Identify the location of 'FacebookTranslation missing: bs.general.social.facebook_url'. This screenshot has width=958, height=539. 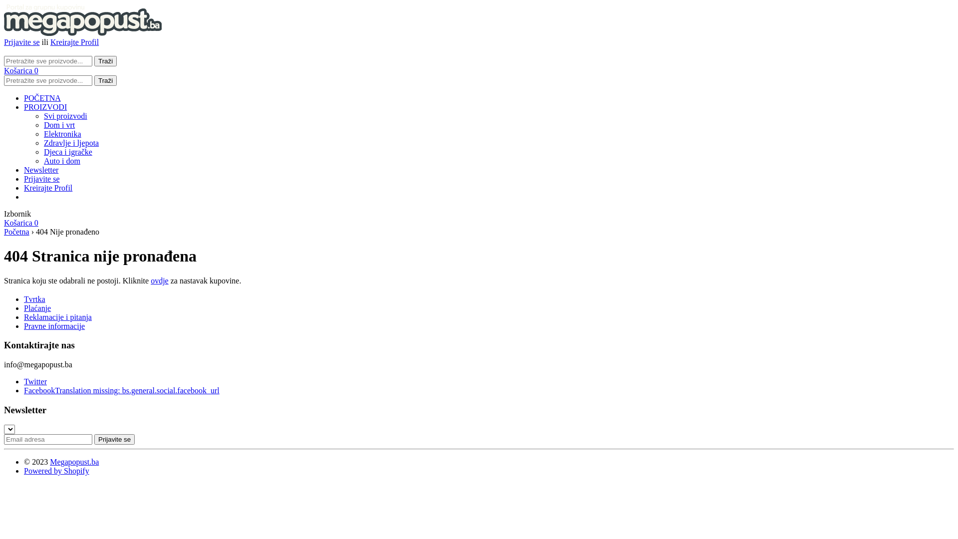
(121, 390).